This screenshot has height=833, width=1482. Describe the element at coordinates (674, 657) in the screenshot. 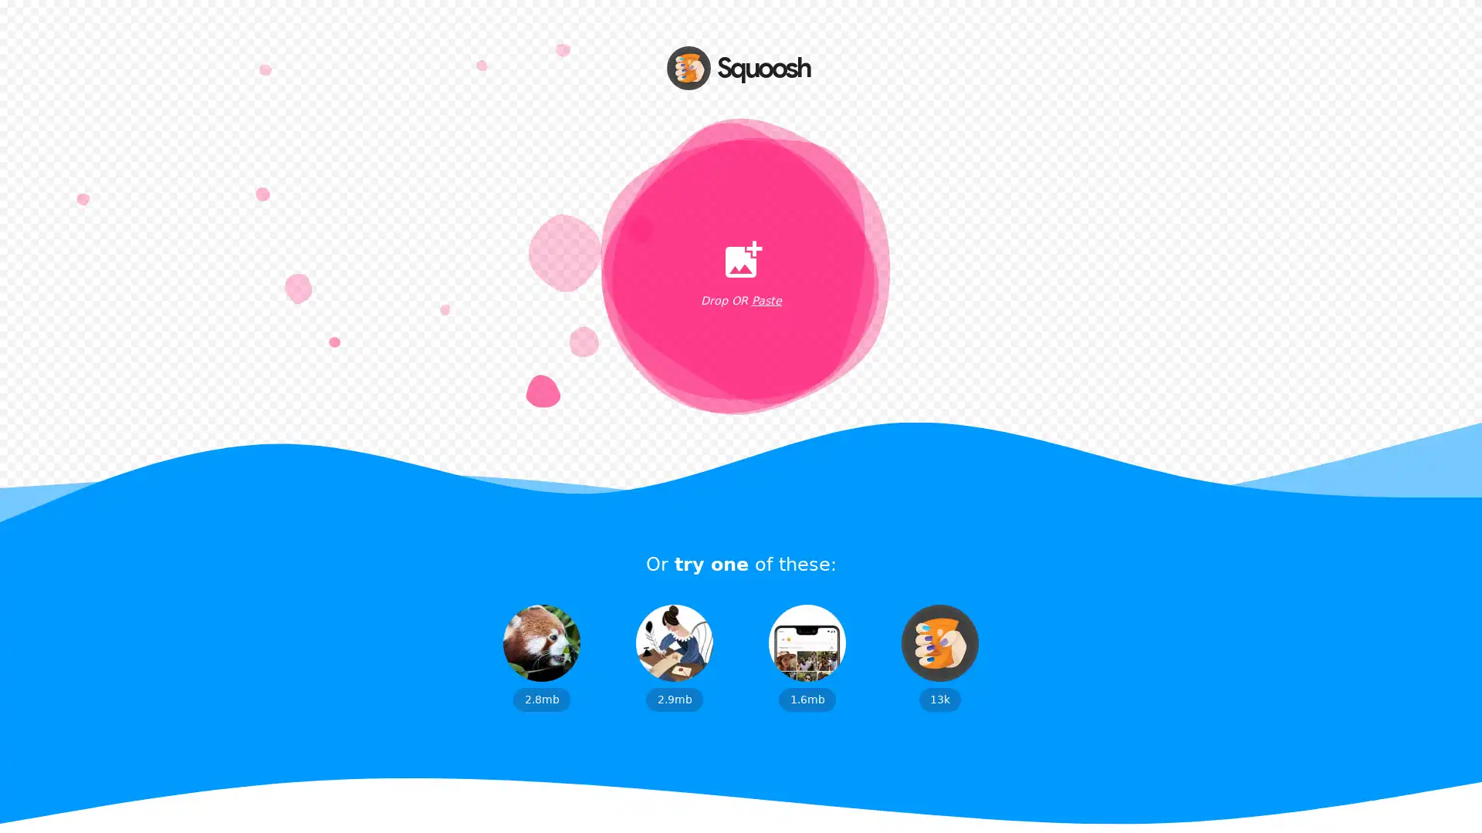

I see `Artwork 2.9mb` at that location.